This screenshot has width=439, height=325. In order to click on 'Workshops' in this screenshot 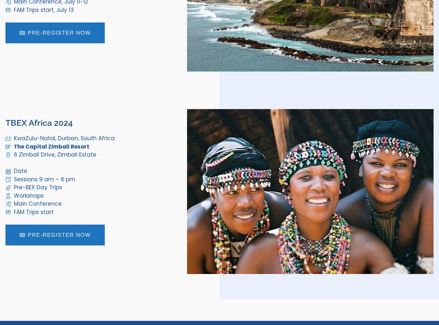, I will do `click(28, 195)`.